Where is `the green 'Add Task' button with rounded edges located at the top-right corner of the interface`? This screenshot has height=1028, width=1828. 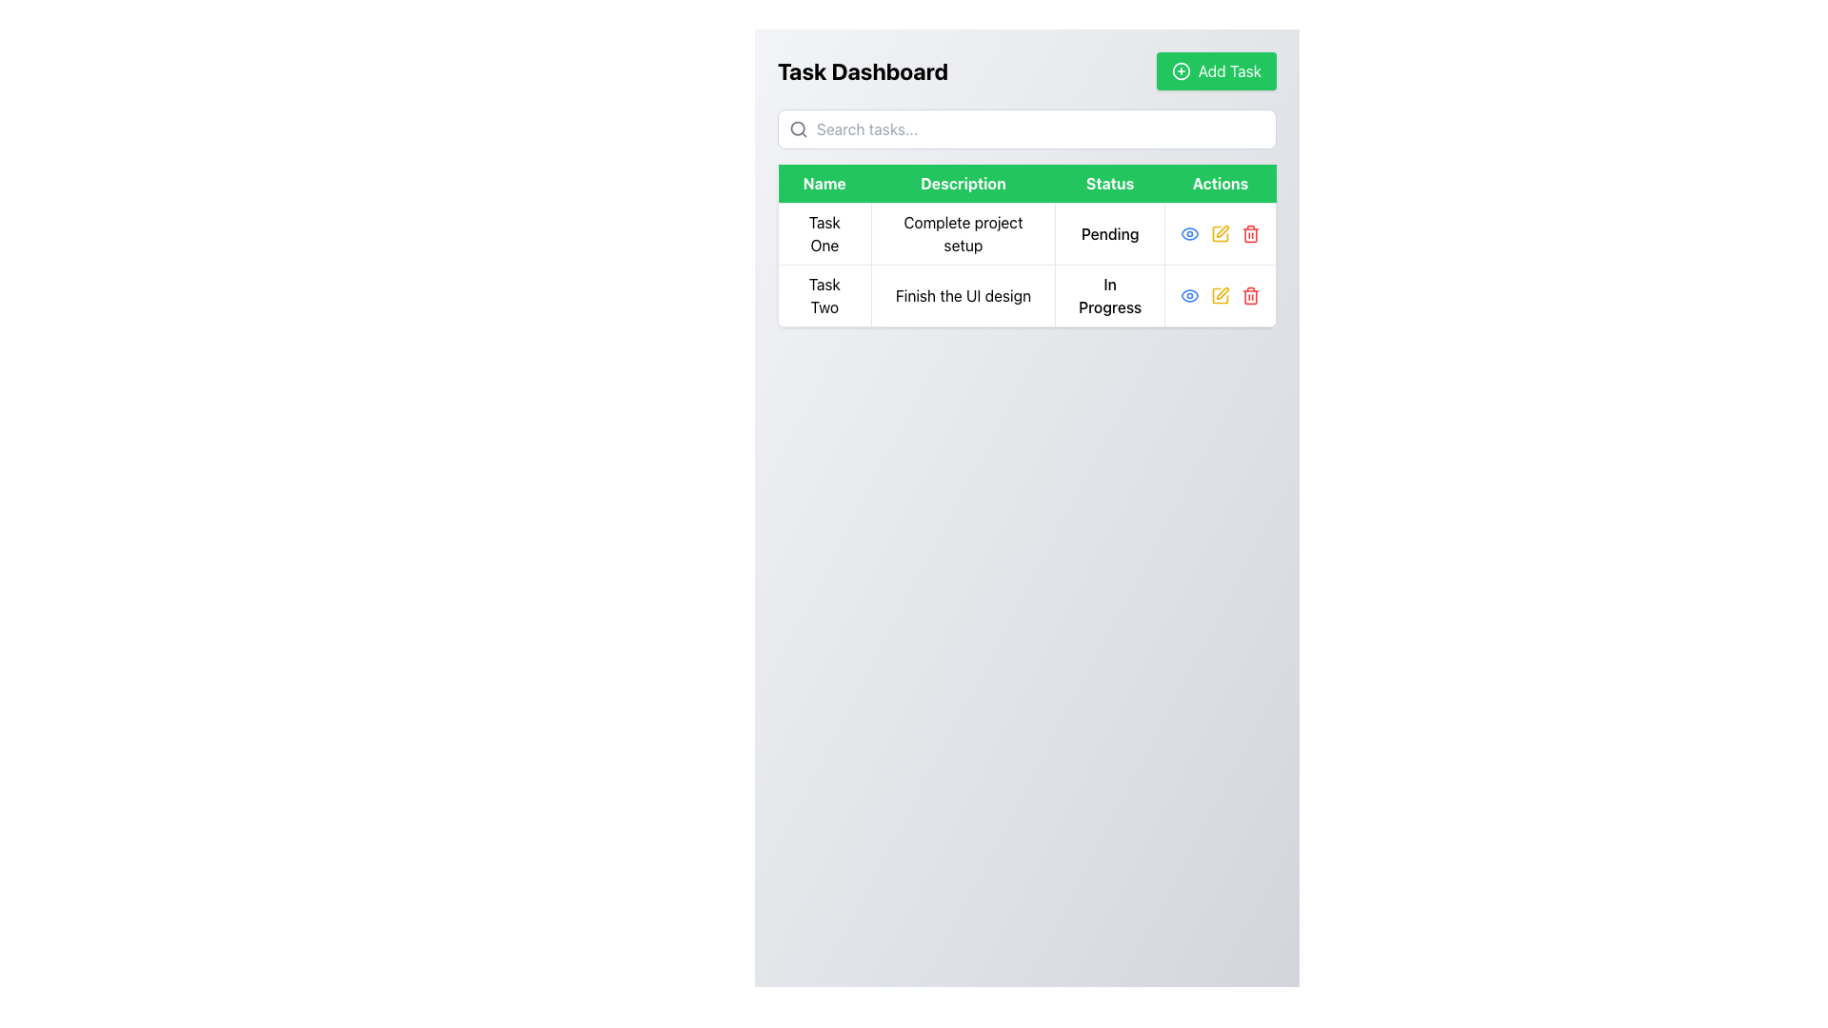
the green 'Add Task' button with rounded edges located at the top-right corner of the interface is located at coordinates (1215, 69).